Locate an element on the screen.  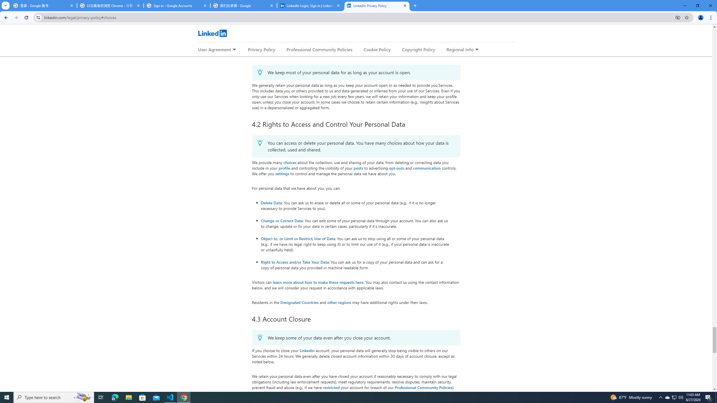
'profile' is located at coordinates (284, 168).